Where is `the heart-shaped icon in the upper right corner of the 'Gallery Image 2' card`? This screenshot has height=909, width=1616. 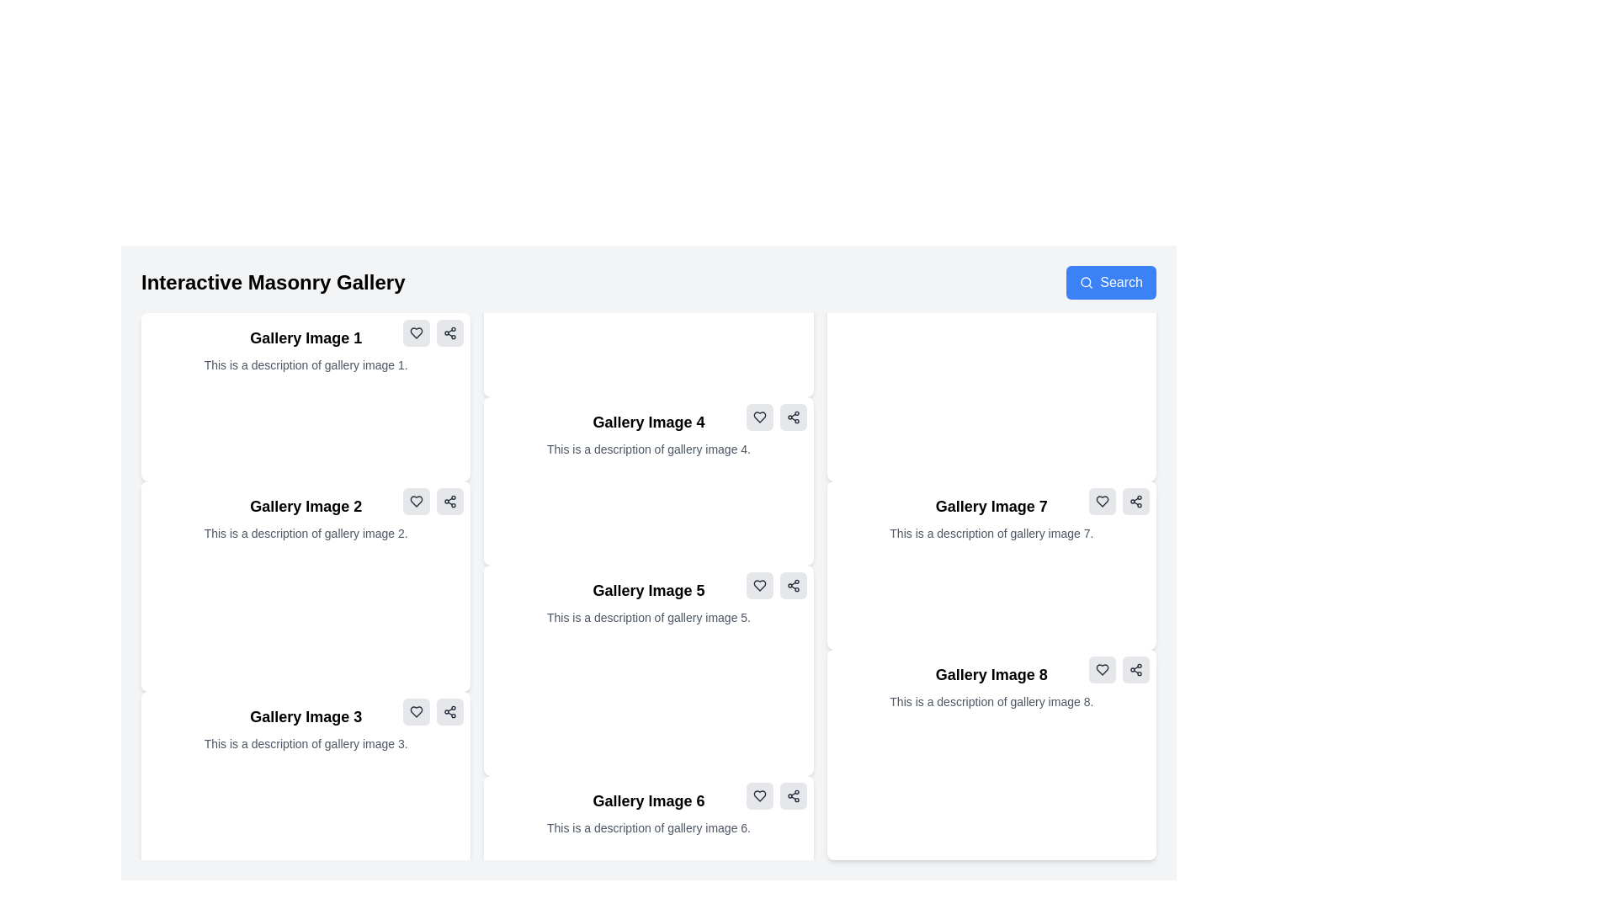
the heart-shaped icon in the upper right corner of the 'Gallery Image 2' card is located at coordinates (417, 333).